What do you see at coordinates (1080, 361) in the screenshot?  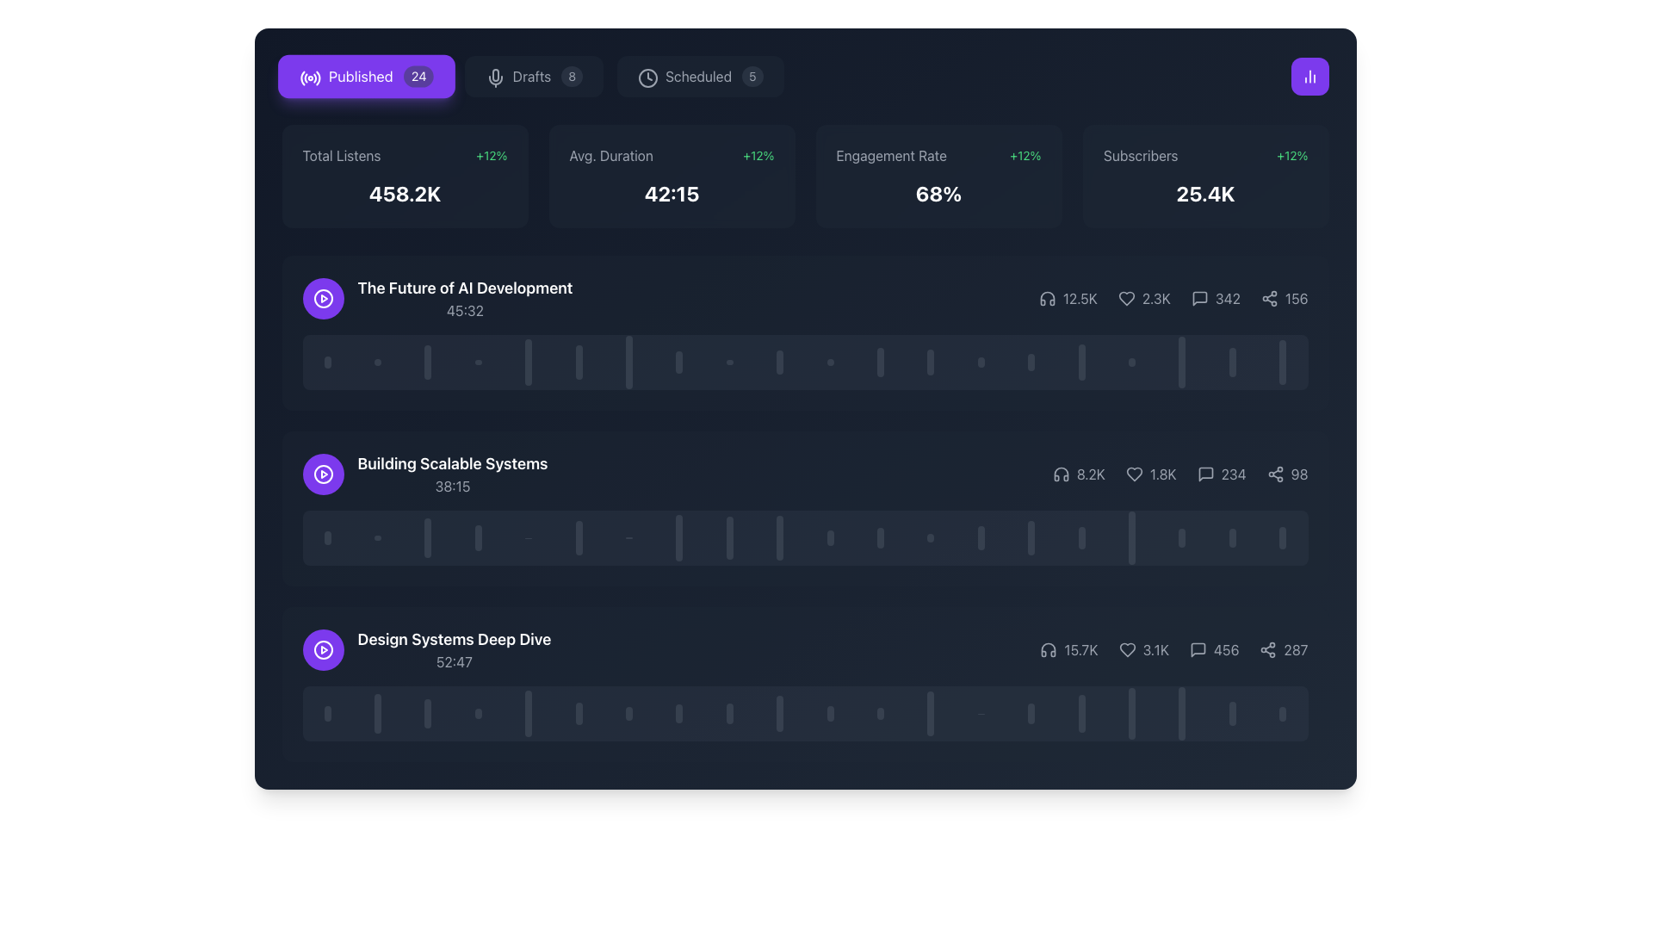 I see `the proportional representation of the sixteenth vertical bar among similar bars in the data representation chart, styled in a grayish tone and semi-transparent appearance` at bounding box center [1080, 361].